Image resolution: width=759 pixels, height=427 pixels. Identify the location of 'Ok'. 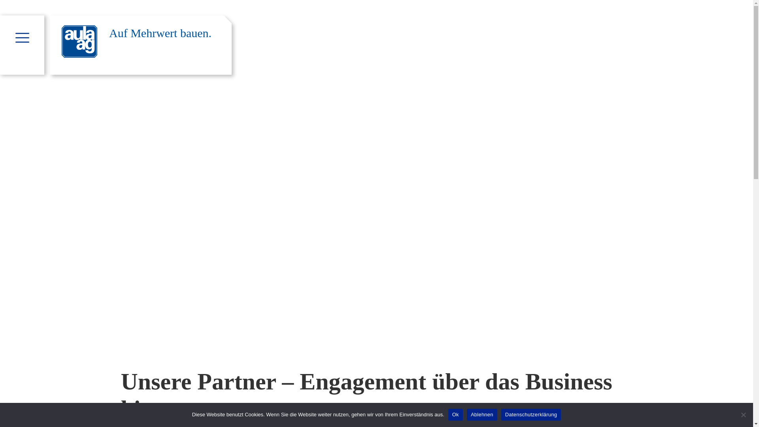
(455, 414).